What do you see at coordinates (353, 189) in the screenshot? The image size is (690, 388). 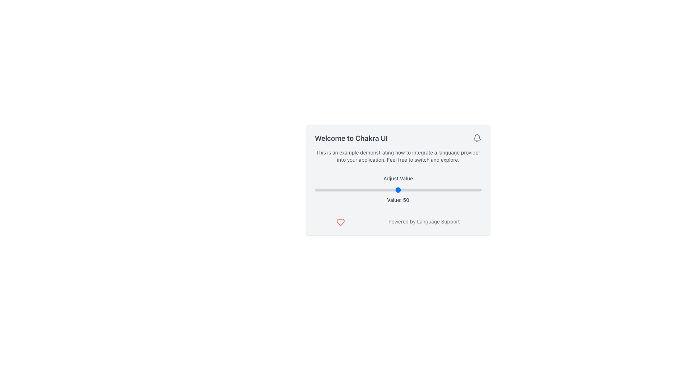 I see `the slider value` at bounding box center [353, 189].